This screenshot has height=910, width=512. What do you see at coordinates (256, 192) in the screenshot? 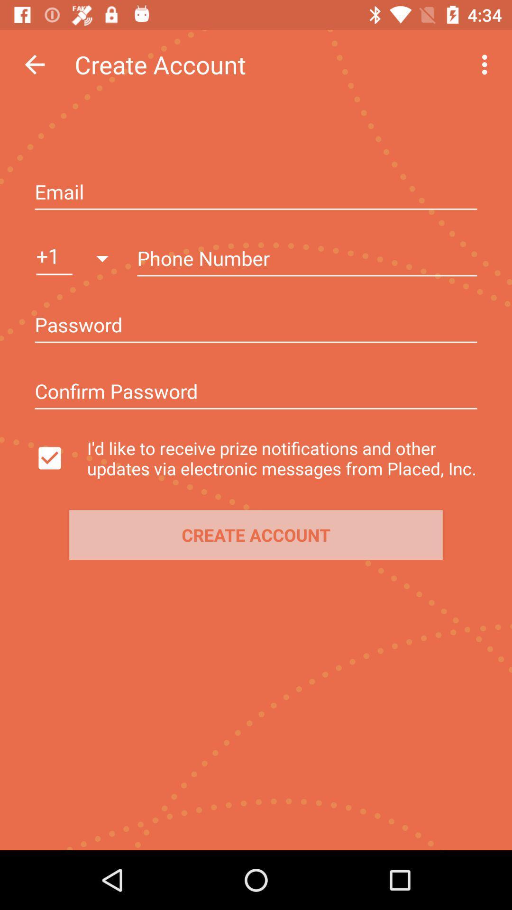
I see `email` at bounding box center [256, 192].